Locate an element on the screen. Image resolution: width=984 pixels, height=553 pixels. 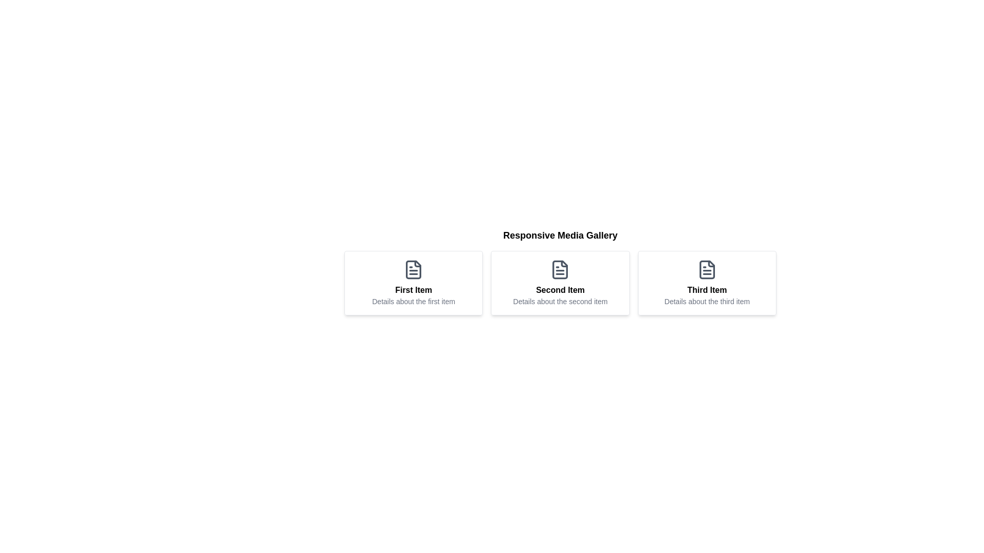
text of the informational label titled 'Second Item' located in the middle card of the gallery, which provides details about the second item is located at coordinates (560, 295).